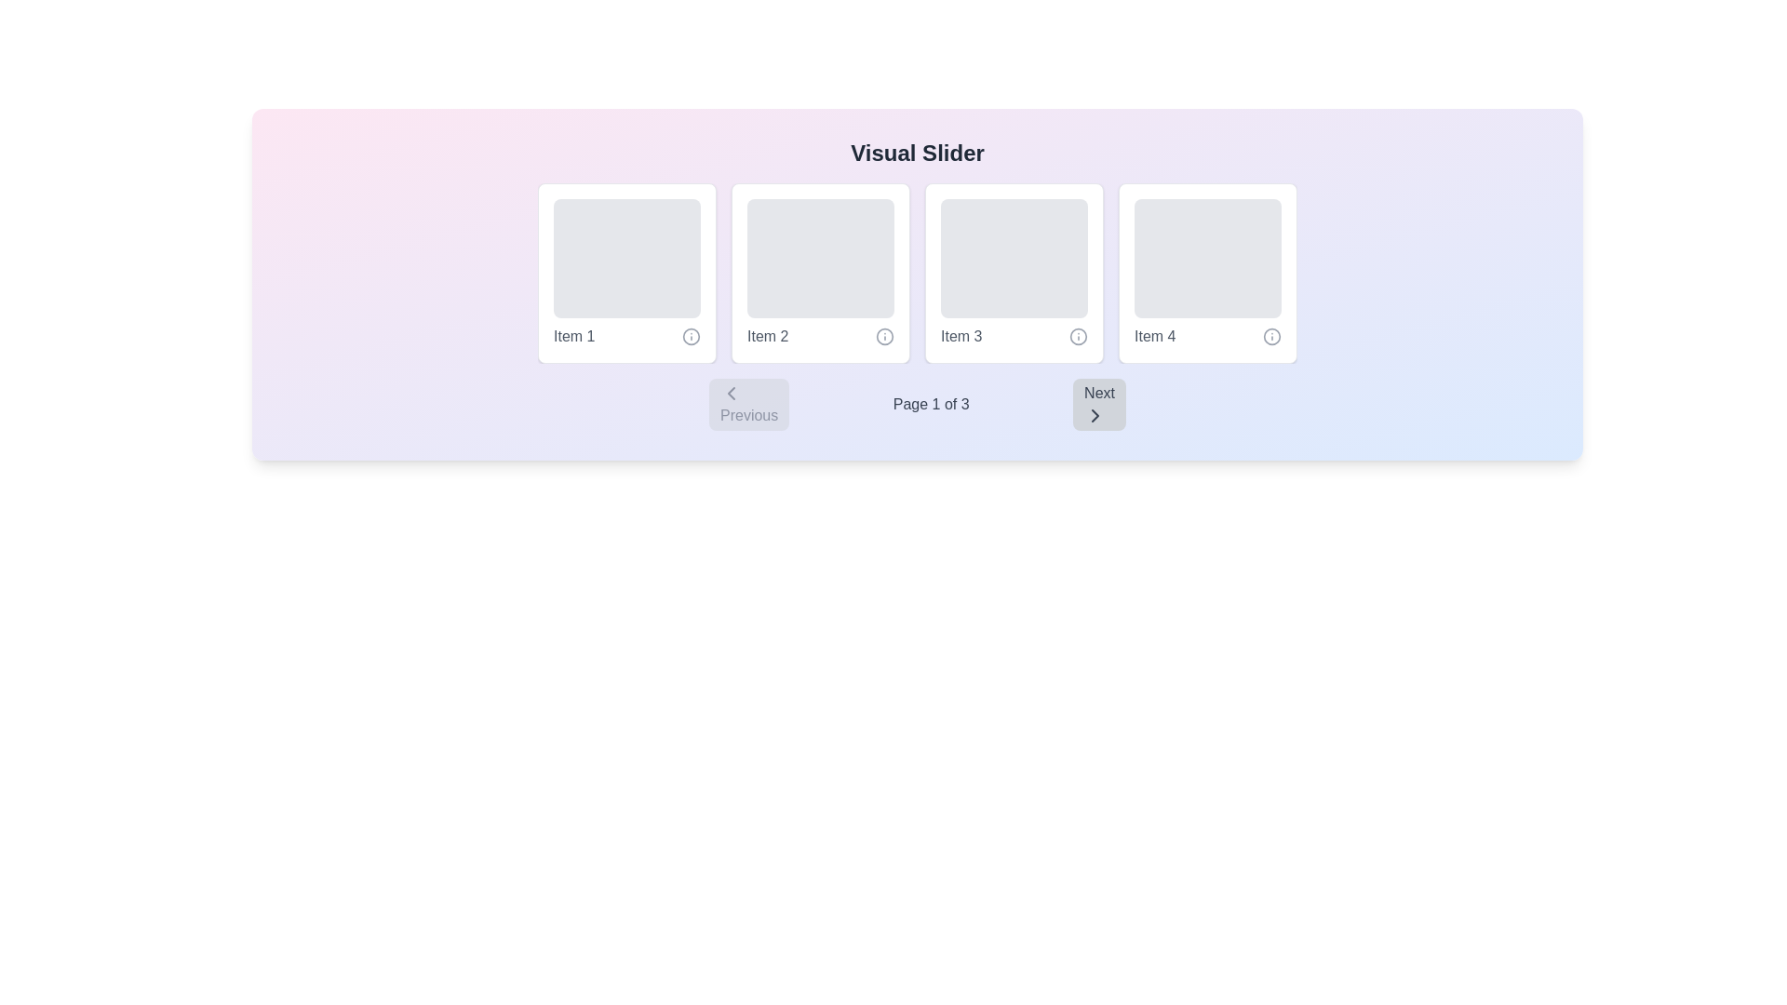 The width and height of the screenshot is (1787, 1005). Describe the element at coordinates (961, 337) in the screenshot. I see `the text label that reads 'Item 3', styled in gray color, located within the third card beneath an image placeholder` at that location.